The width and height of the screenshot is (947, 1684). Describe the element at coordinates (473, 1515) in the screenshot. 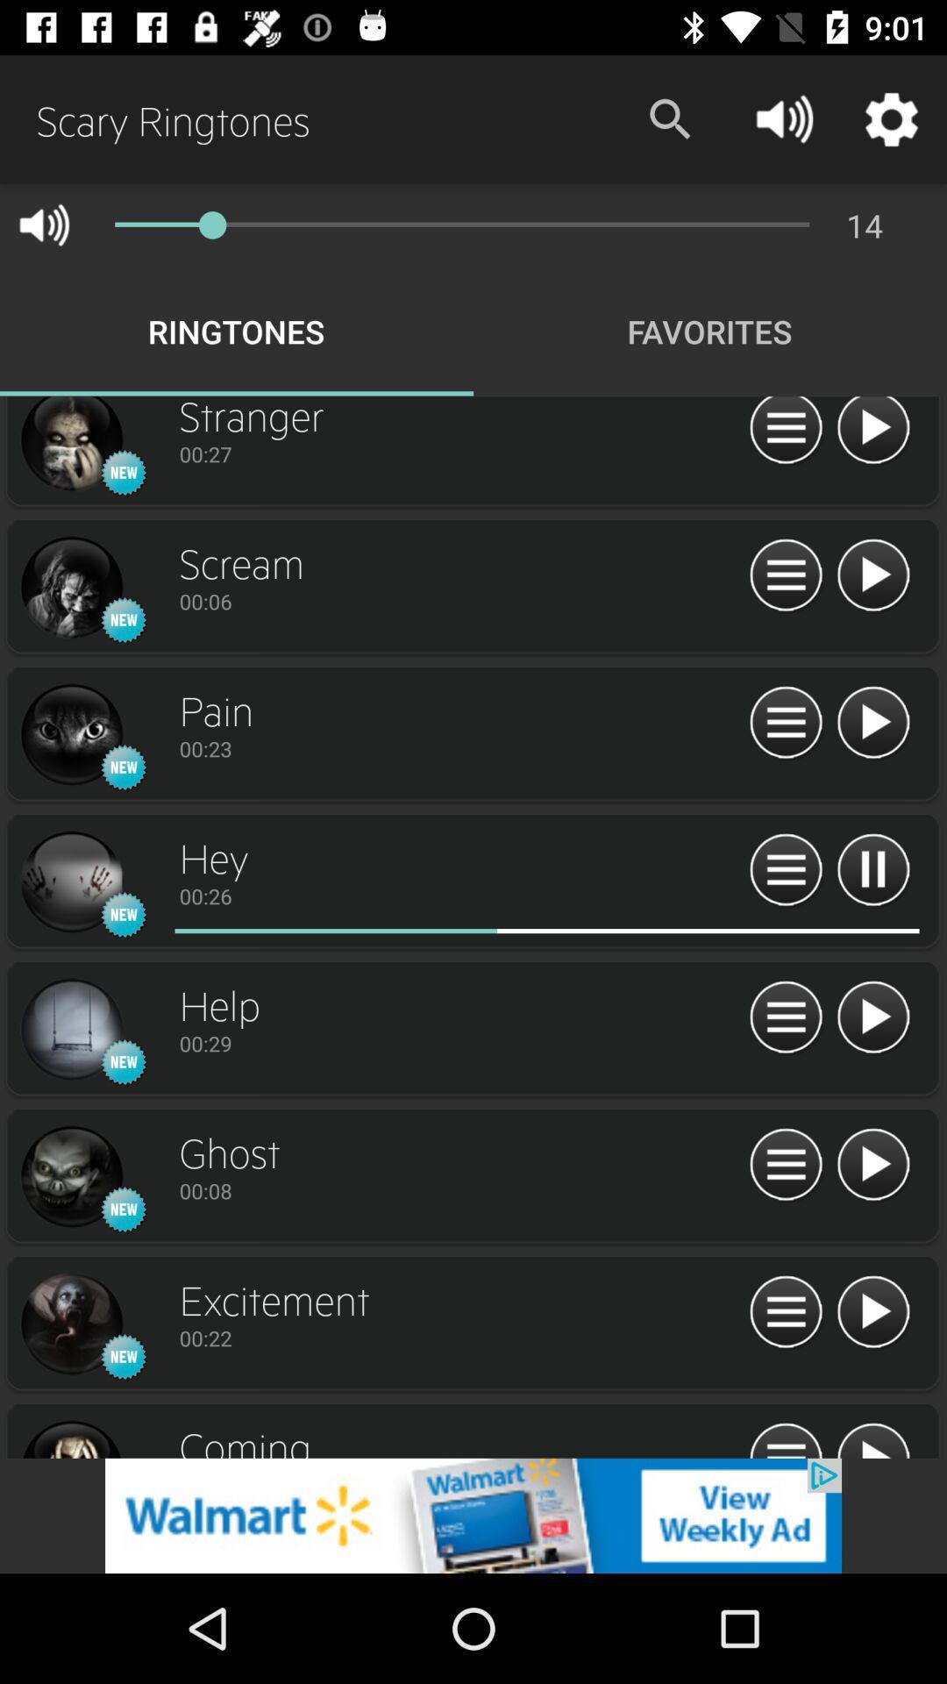

I see `advertisement` at that location.